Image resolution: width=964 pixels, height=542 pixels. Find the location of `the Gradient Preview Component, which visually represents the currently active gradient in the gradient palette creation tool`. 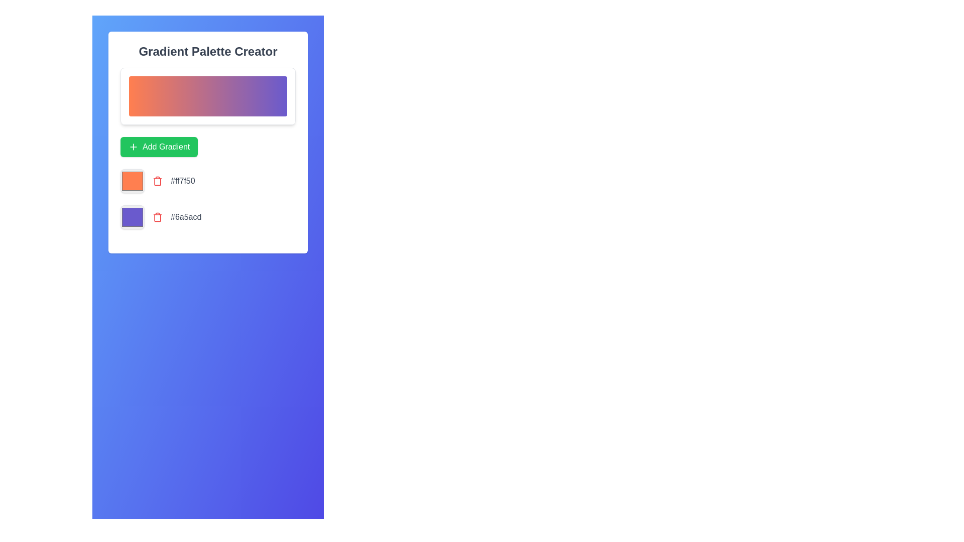

the Gradient Preview Component, which visually represents the currently active gradient in the gradient palette creation tool is located at coordinates (207, 96).